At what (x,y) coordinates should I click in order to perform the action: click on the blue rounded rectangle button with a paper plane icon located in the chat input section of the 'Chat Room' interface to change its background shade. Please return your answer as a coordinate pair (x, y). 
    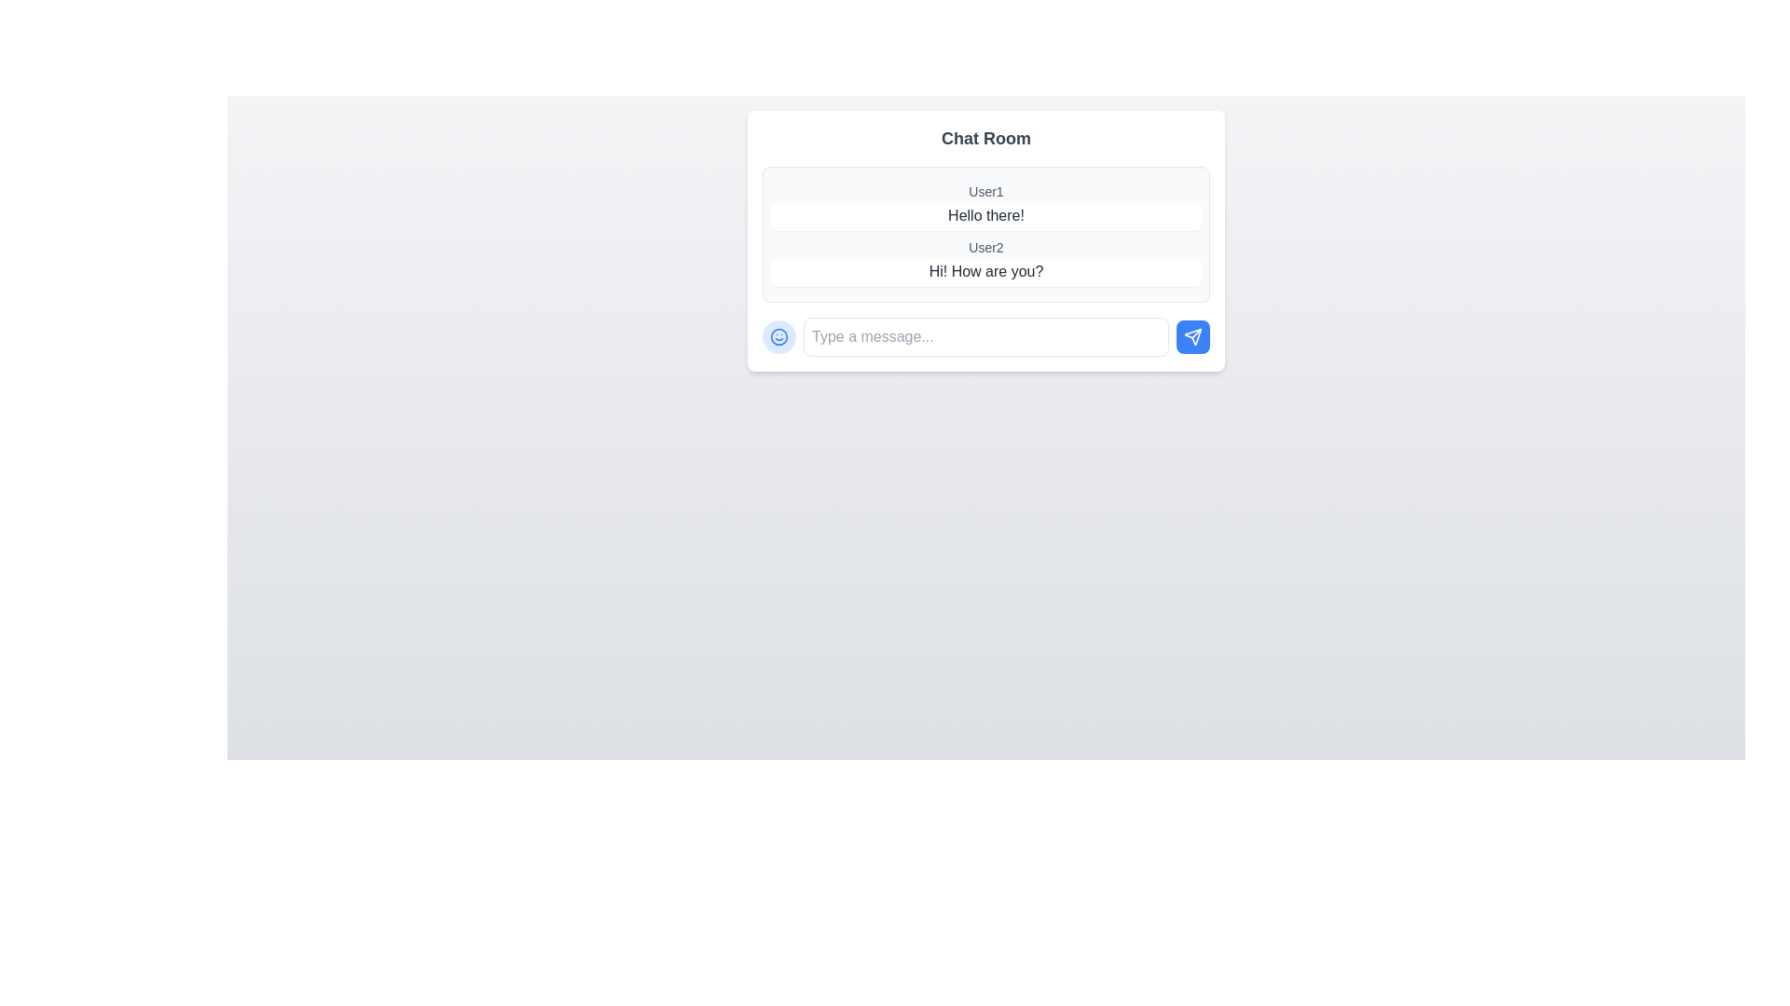
    Looking at the image, I should click on (1193, 337).